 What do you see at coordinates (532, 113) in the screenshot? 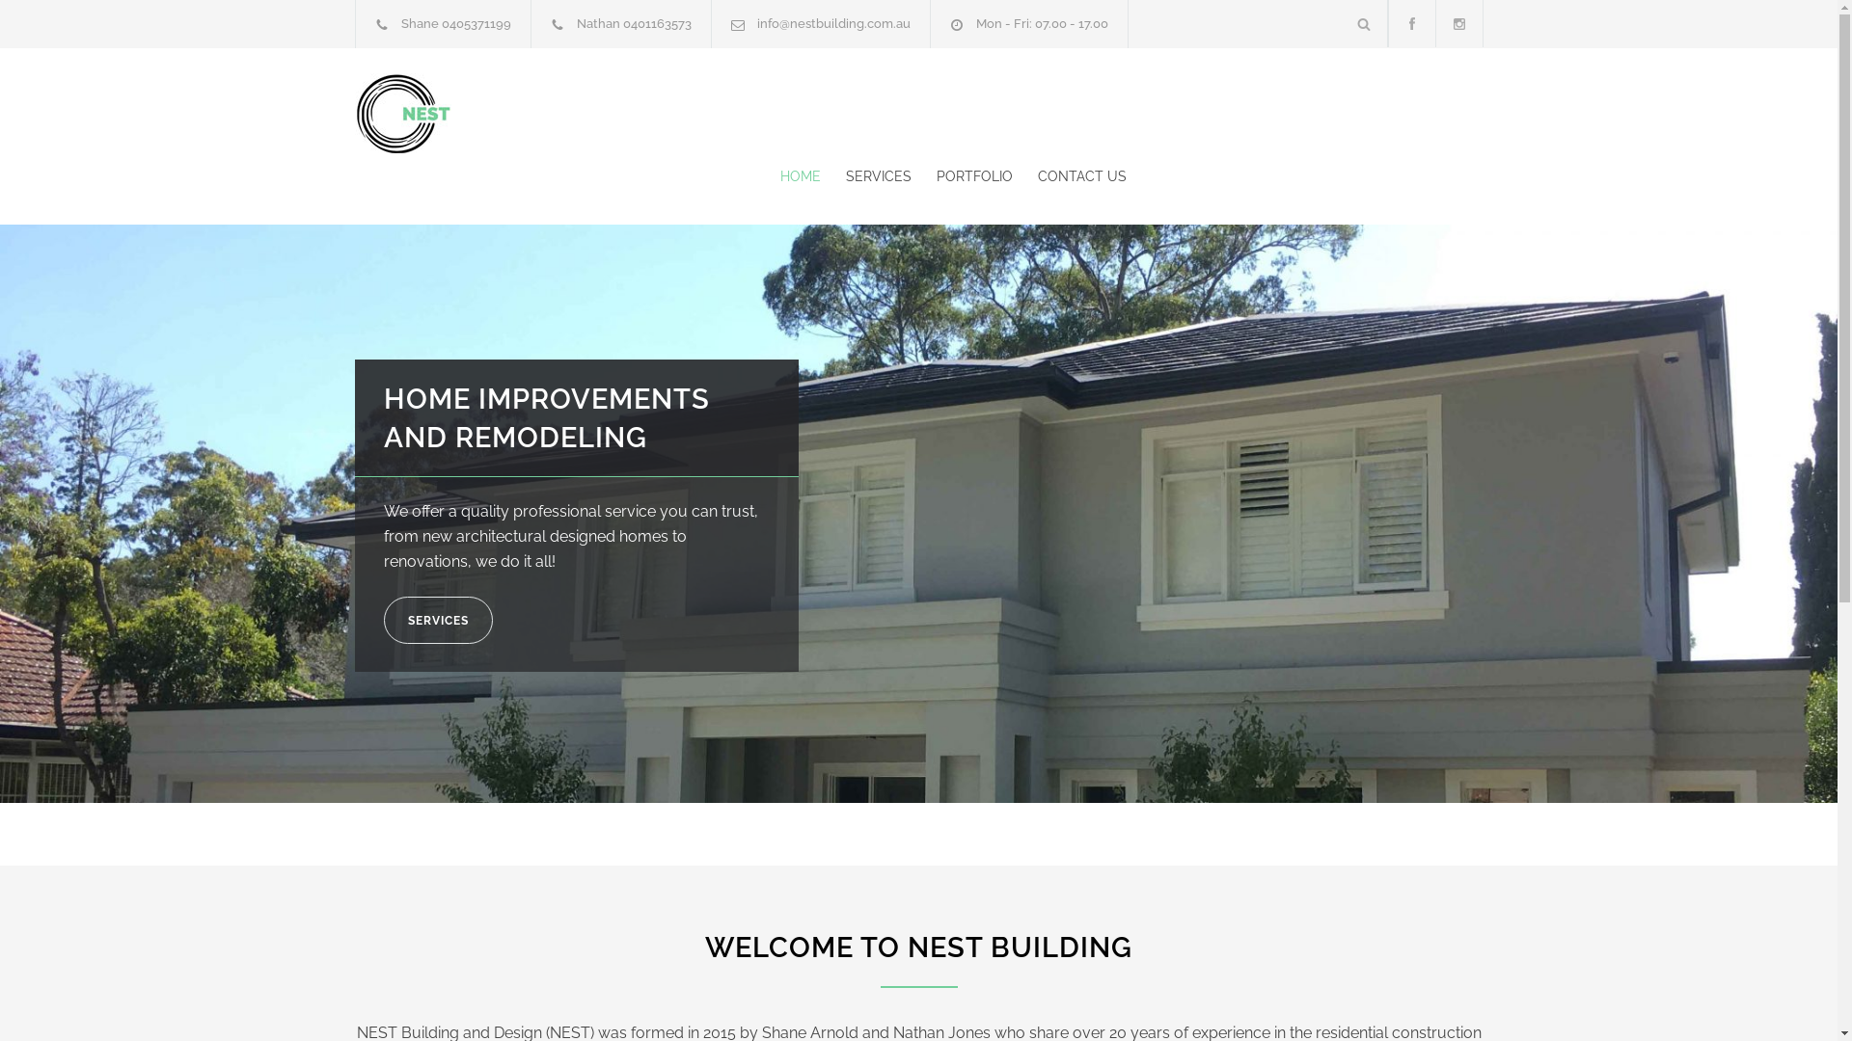
I see `'Nest'` at bounding box center [532, 113].